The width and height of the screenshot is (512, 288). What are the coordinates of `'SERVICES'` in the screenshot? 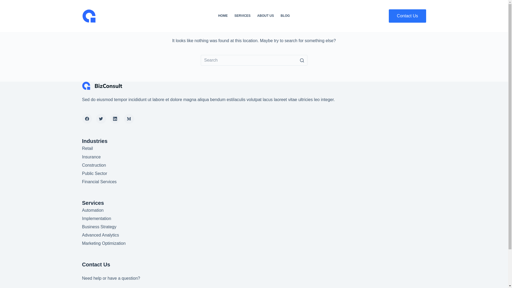 It's located at (231, 16).